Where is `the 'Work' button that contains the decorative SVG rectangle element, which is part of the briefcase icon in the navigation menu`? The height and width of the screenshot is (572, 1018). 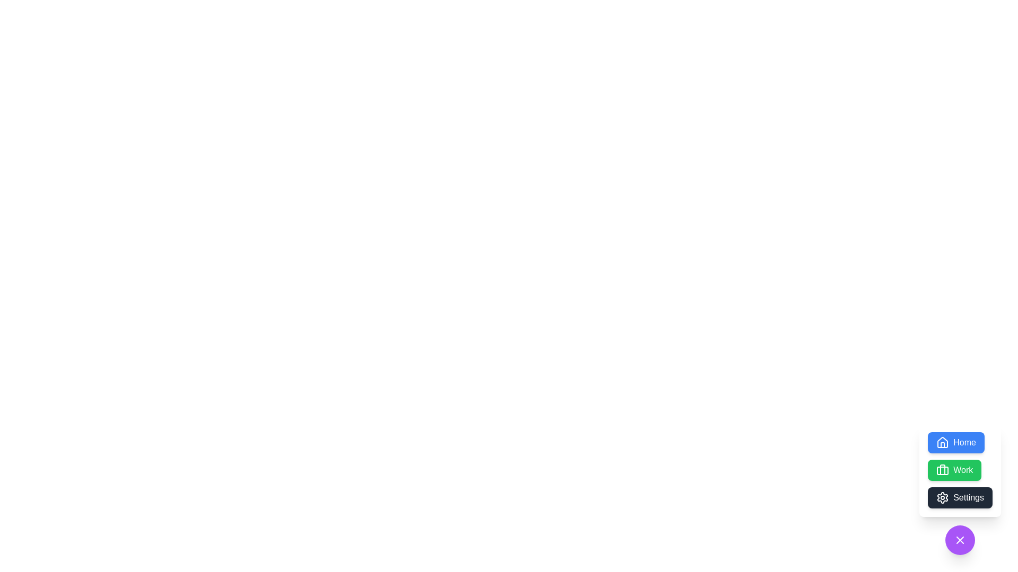
the 'Work' button that contains the decorative SVG rectangle element, which is part of the briefcase icon in the navigation menu is located at coordinates (943, 470).